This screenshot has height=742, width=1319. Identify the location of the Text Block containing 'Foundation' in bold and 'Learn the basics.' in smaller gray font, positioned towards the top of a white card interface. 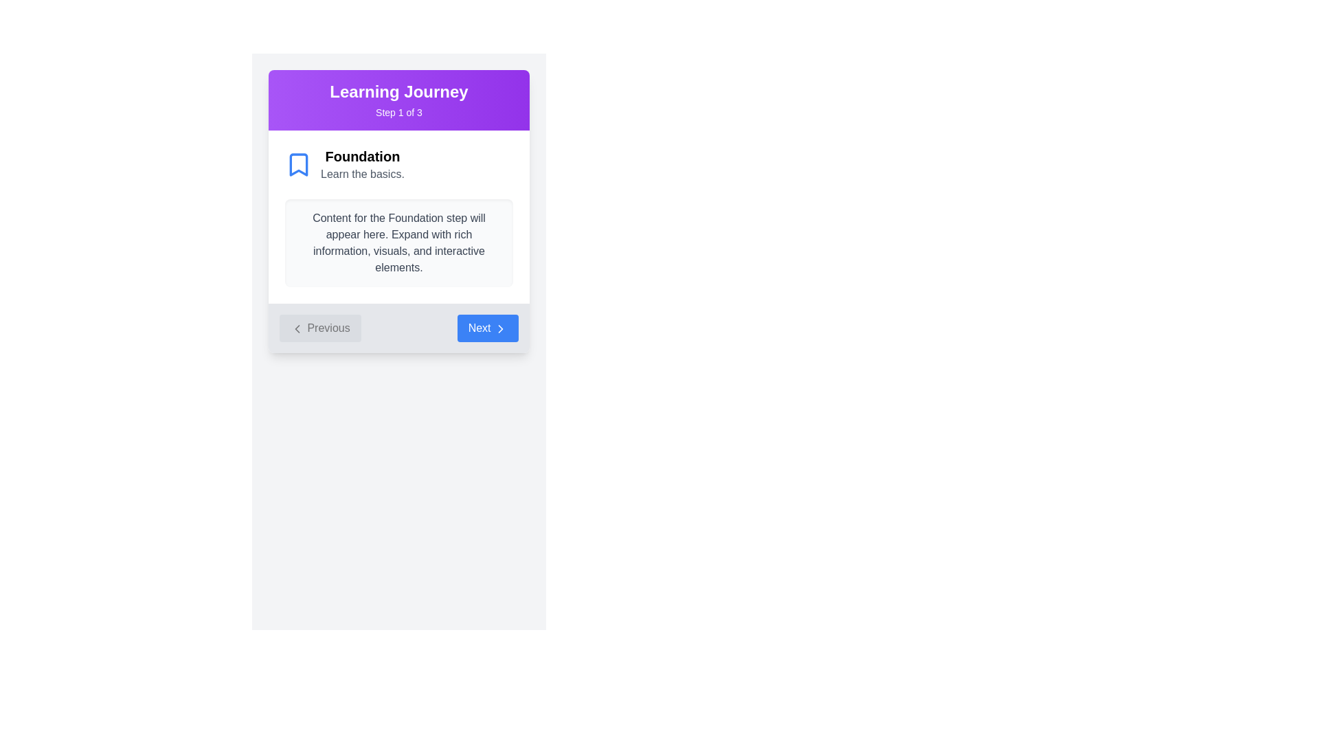
(363, 164).